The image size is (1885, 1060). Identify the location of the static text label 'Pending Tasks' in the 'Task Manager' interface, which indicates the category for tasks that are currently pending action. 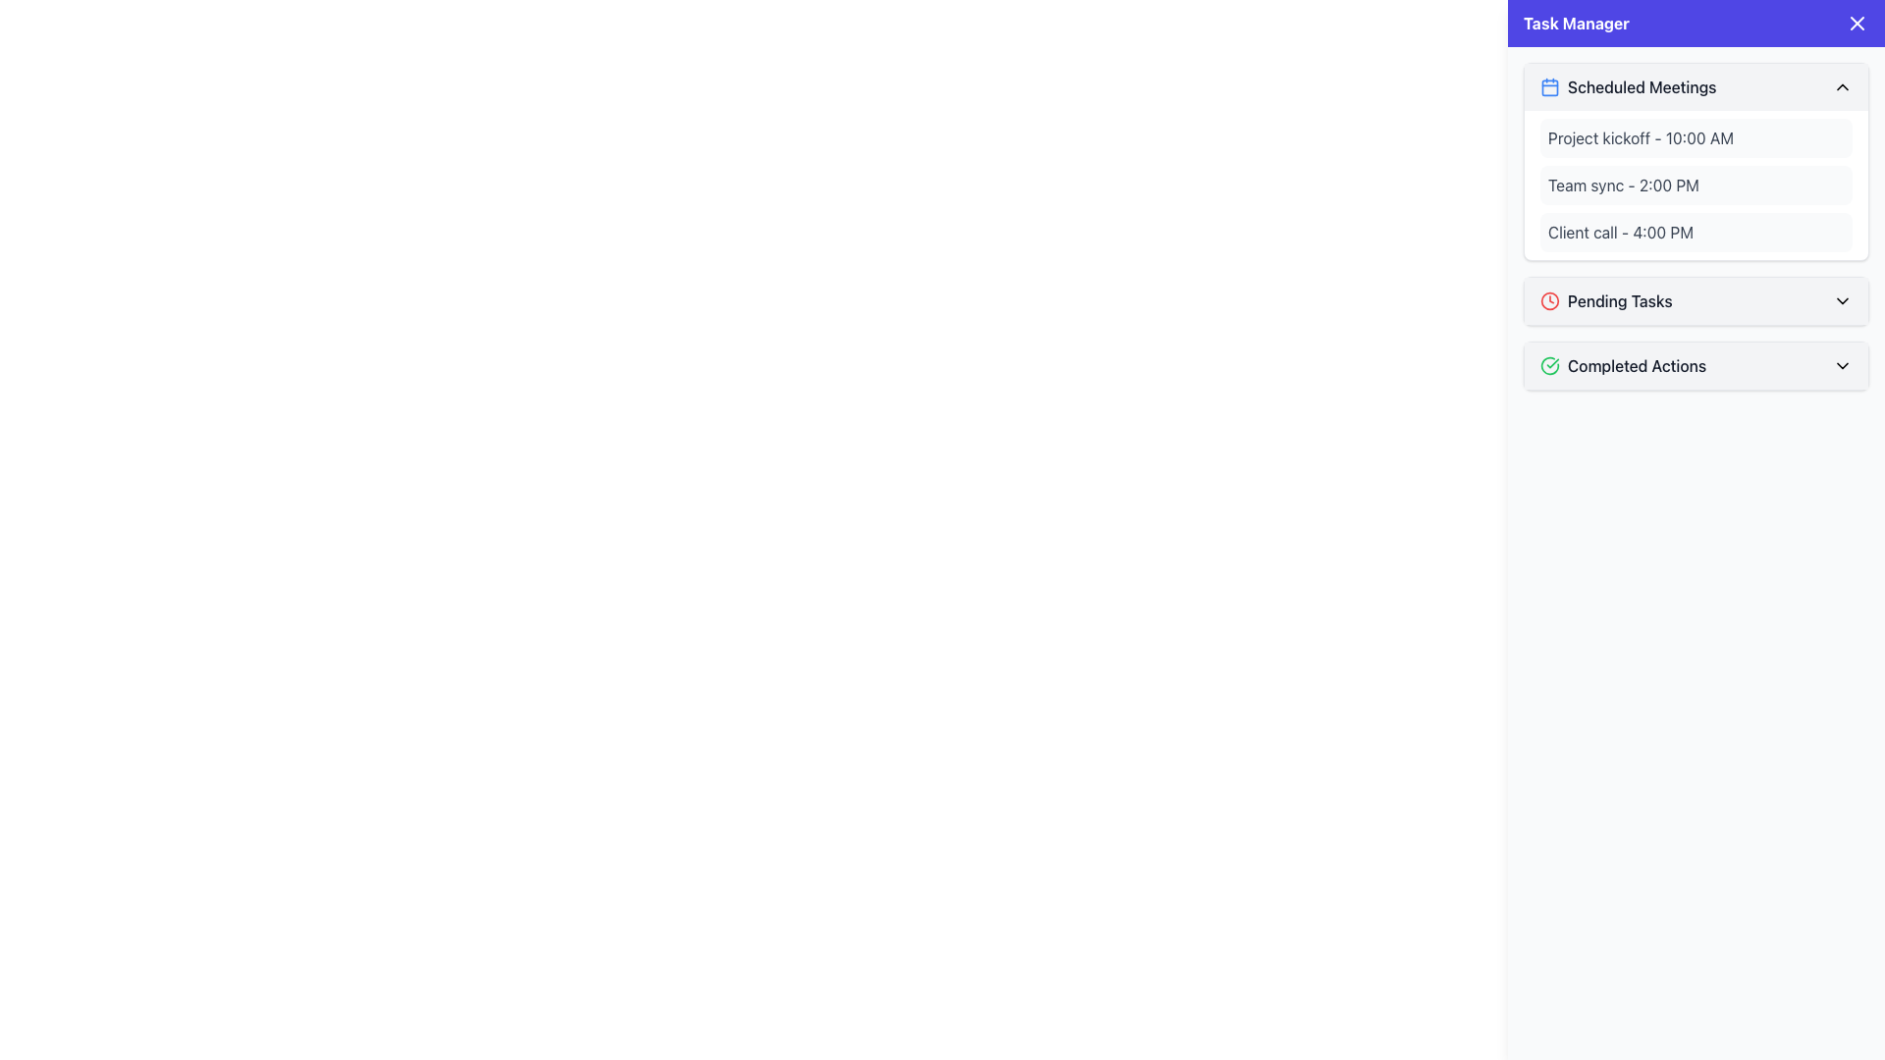
(1620, 301).